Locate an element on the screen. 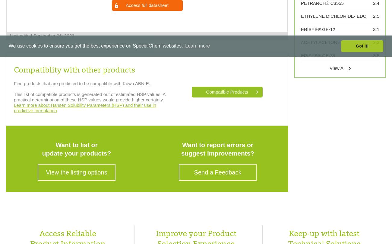  'Learn more' is located at coordinates (197, 46).